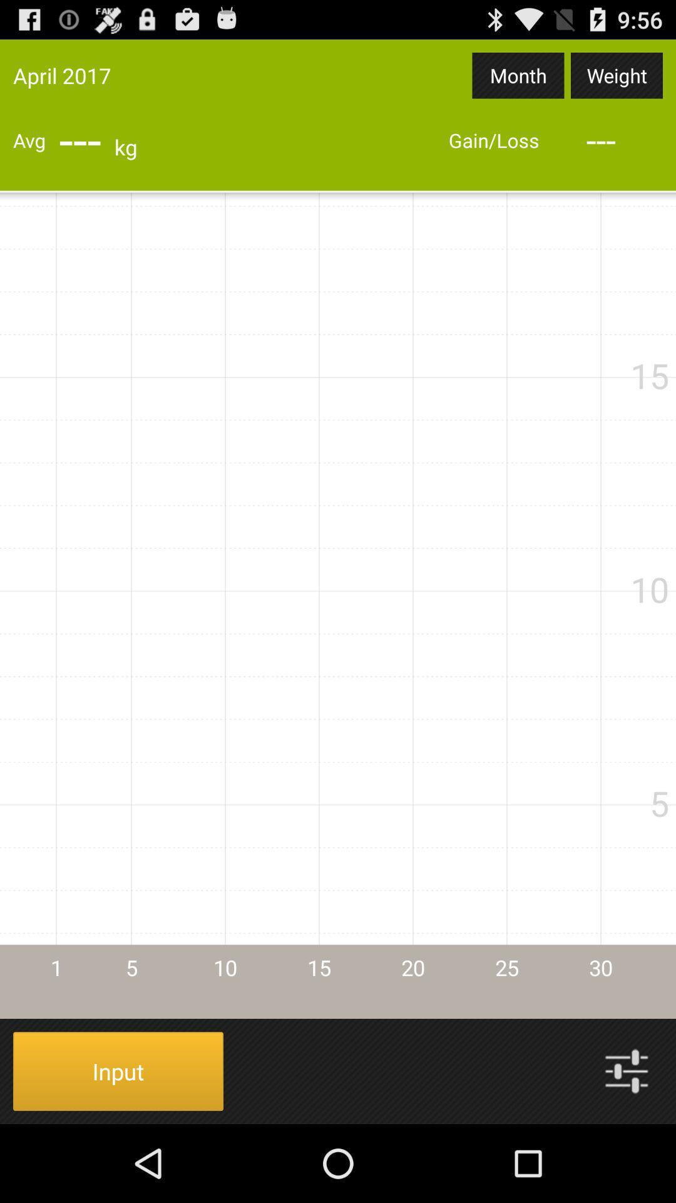 Image resolution: width=676 pixels, height=1203 pixels. I want to click on the sliders icon, so click(627, 1147).